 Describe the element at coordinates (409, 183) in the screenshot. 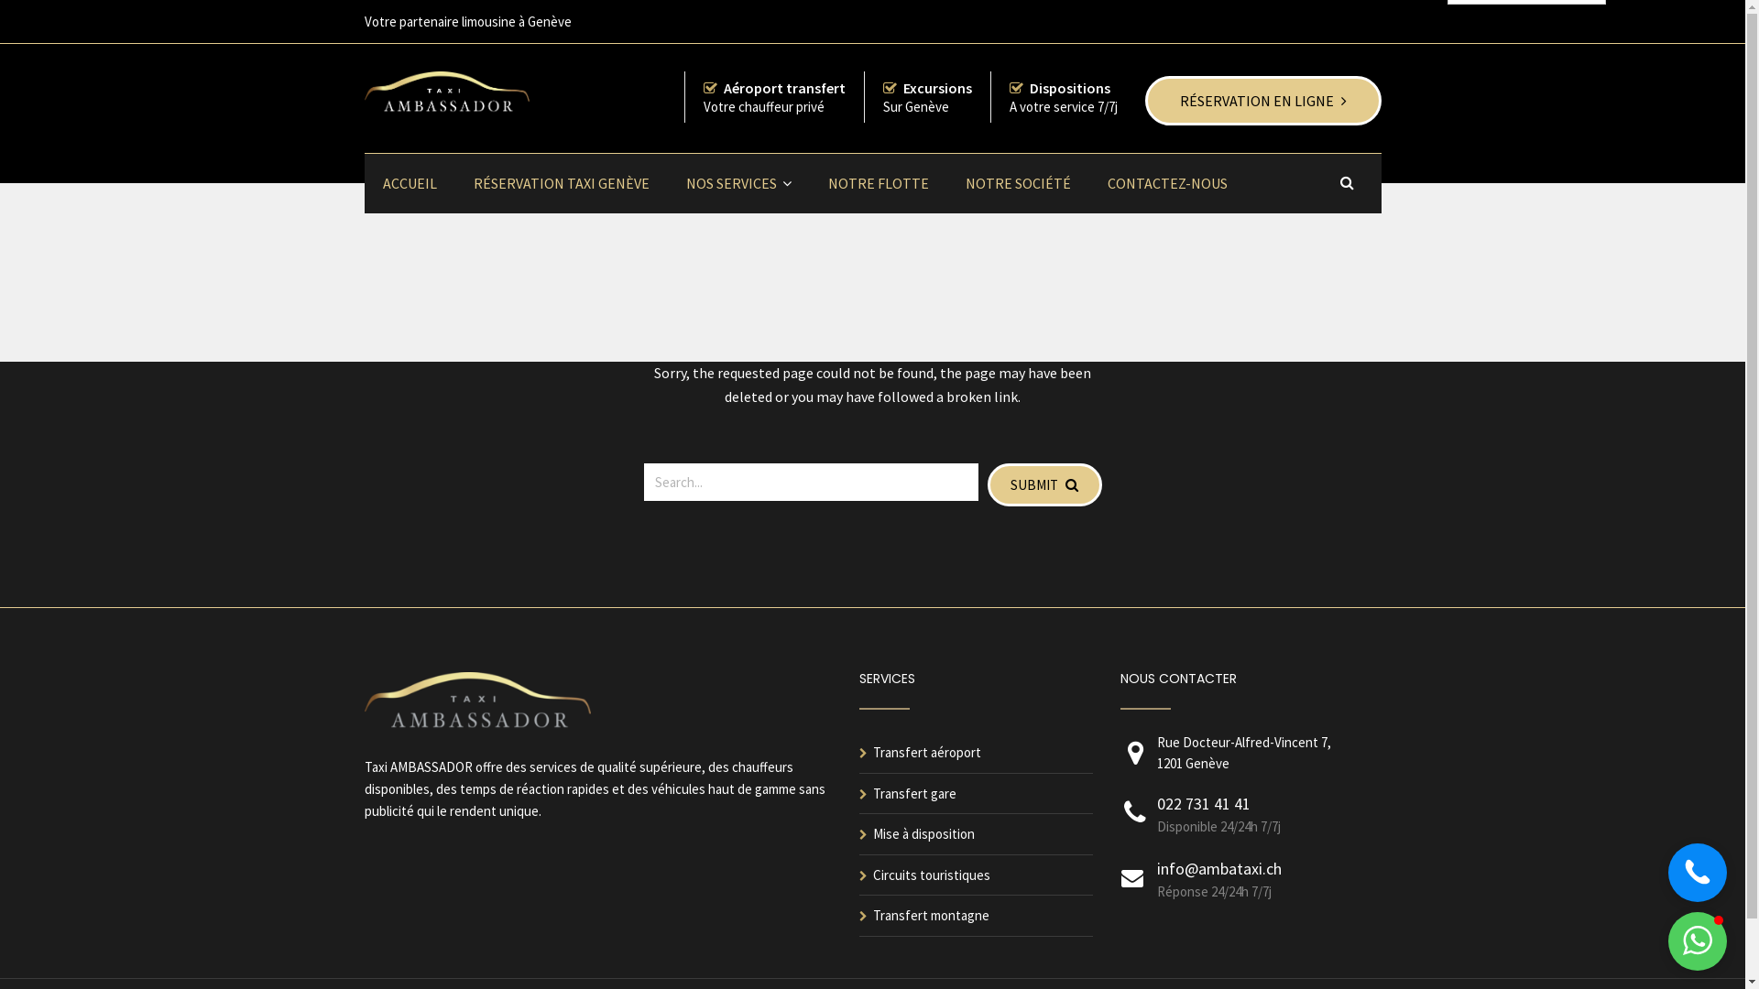

I see `'ACCUEIL'` at that location.